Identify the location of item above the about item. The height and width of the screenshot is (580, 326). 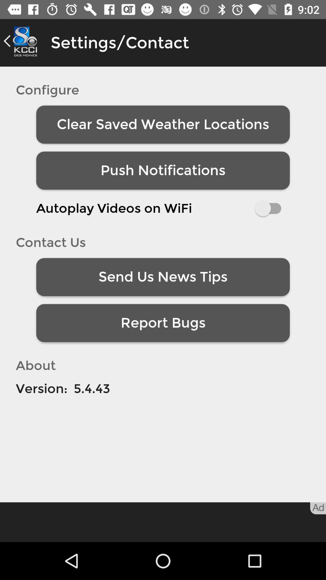
(163, 323).